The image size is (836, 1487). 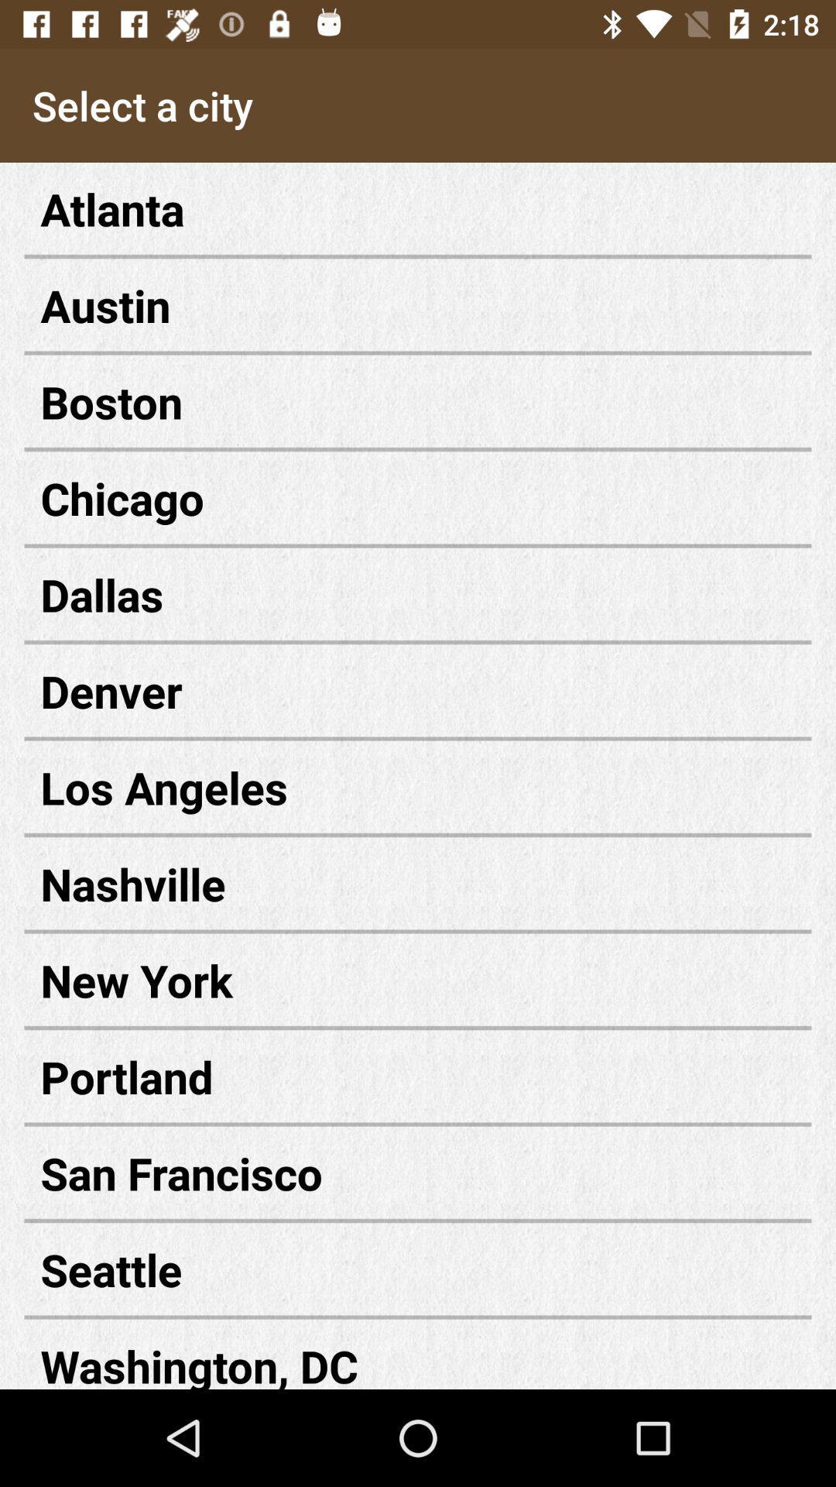 What do you see at coordinates (418, 1173) in the screenshot?
I see `the san francisco item` at bounding box center [418, 1173].